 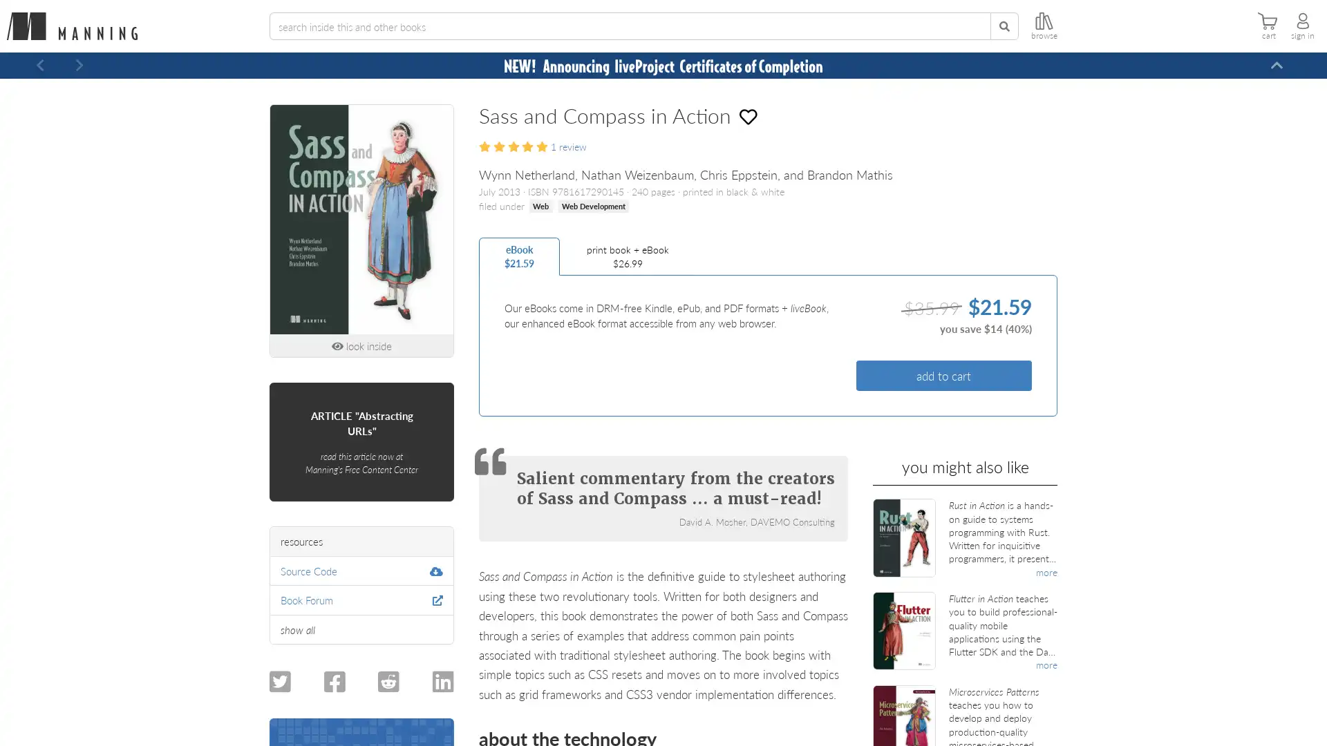 What do you see at coordinates (943, 375) in the screenshot?
I see `add to cart` at bounding box center [943, 375].